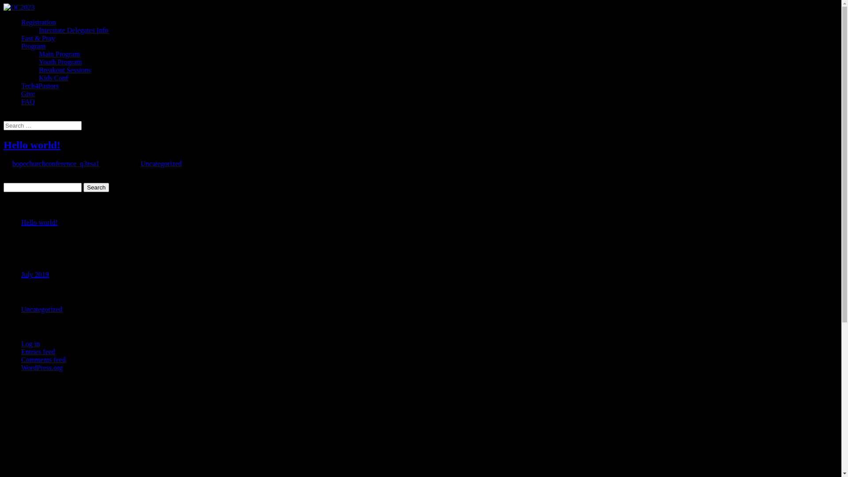 Image resolution: width=848 pixels, height=477 pixels. What do you see at coordinates (38, 351) in the screenshot?
I see `'Entries feed'` at bounding box center [38, 351].